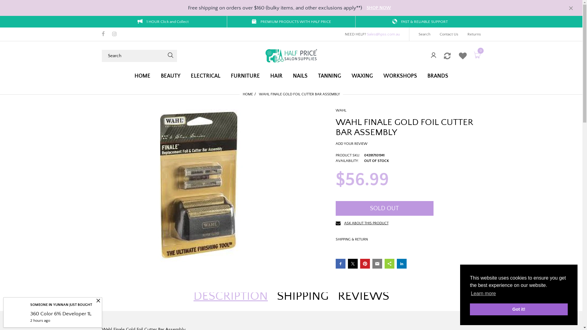 This screenshot has width=587, height=330. What do you see at coordinates (103, 34) in the screenshot?
I see `'Facebook'` at bounding box center [103, 34].